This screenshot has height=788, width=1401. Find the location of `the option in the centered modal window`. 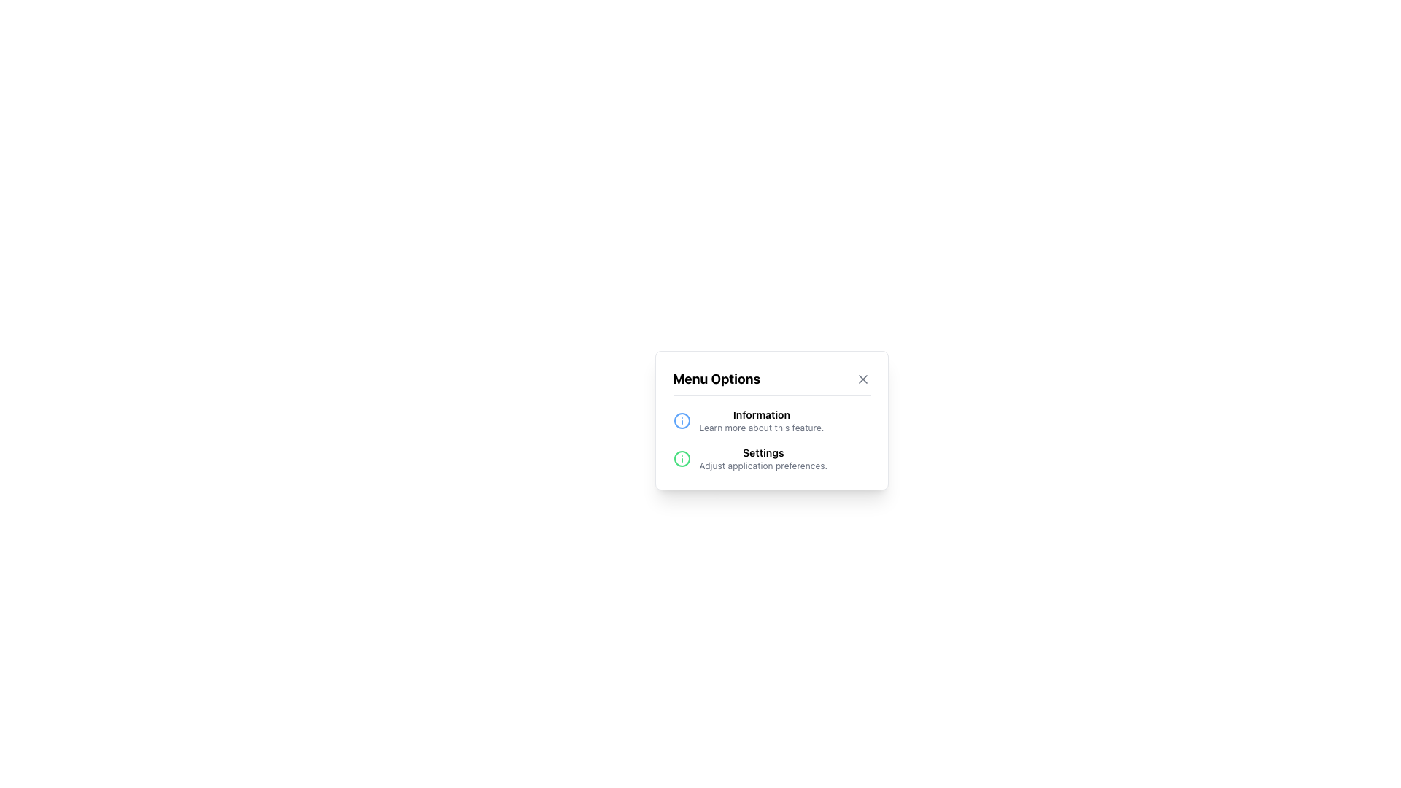

the option in the centered modal window is located at coordinates (771, 420).